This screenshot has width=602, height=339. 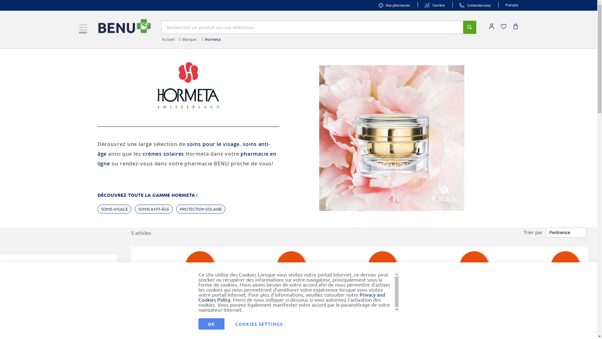 I want to click on 'pharmacie en ligne', so click(x=187, y=158).